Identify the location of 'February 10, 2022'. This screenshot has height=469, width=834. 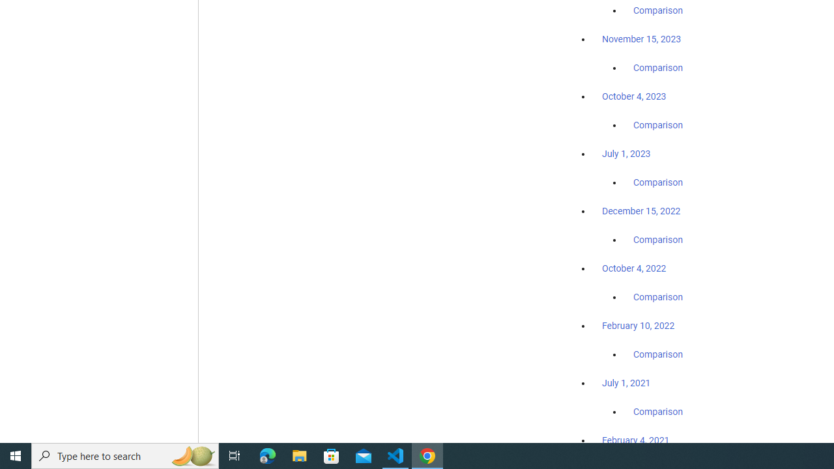
(638, 325).